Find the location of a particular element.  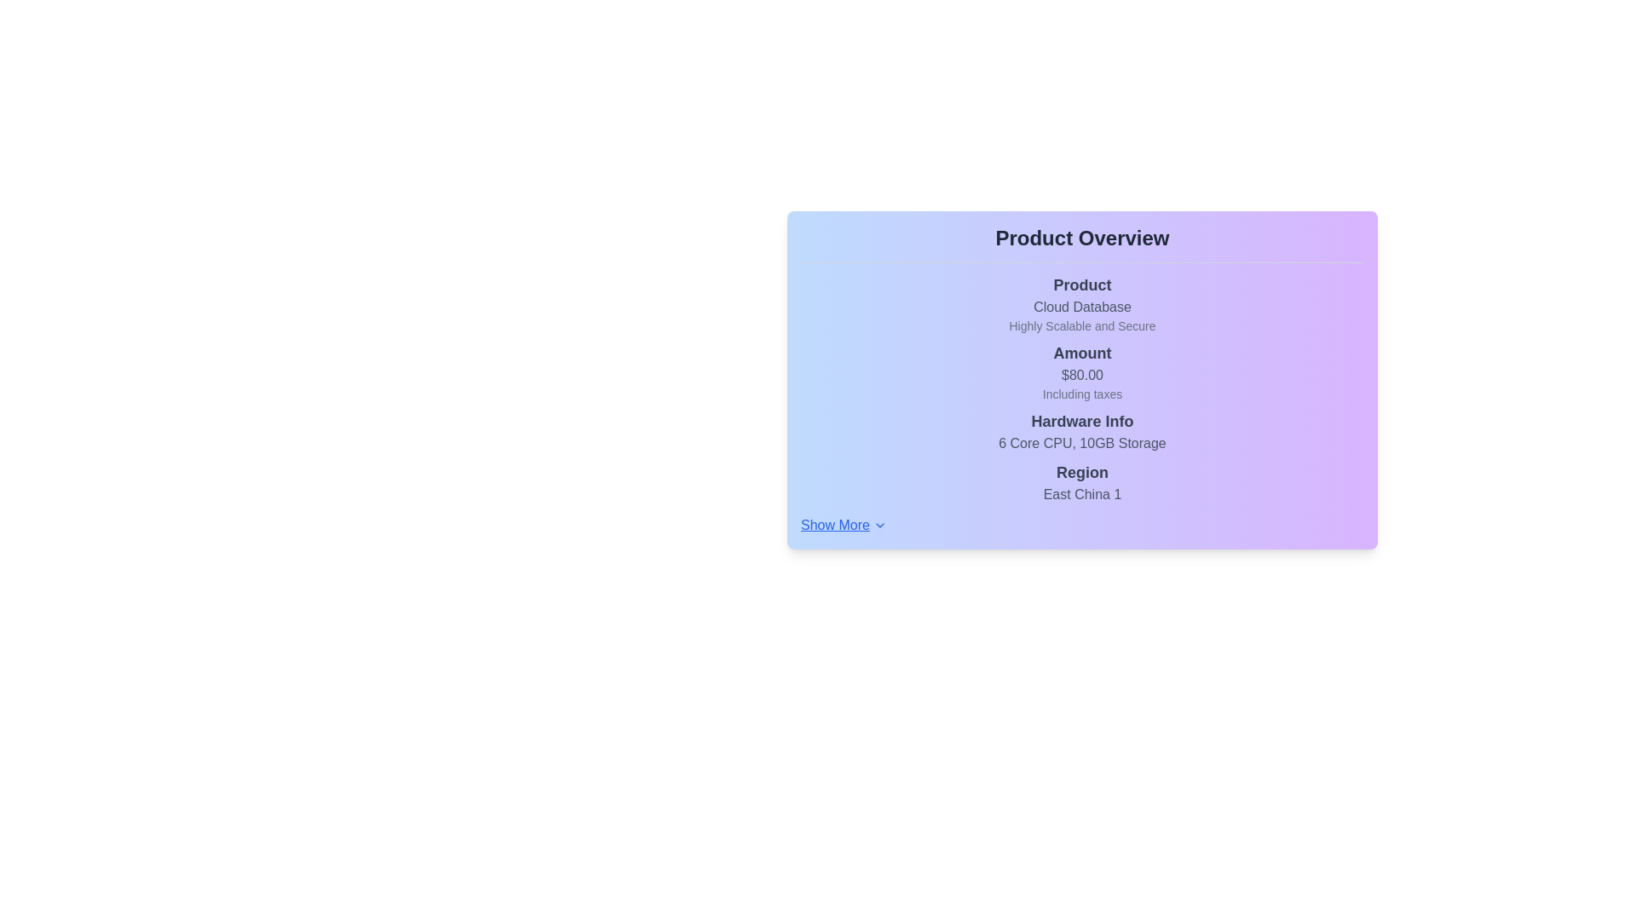

the text label that serves as a section title for 'East China 1', positioned above the corresponding text in the 'Product Overview' panel is located at coordinates (1081, 473).